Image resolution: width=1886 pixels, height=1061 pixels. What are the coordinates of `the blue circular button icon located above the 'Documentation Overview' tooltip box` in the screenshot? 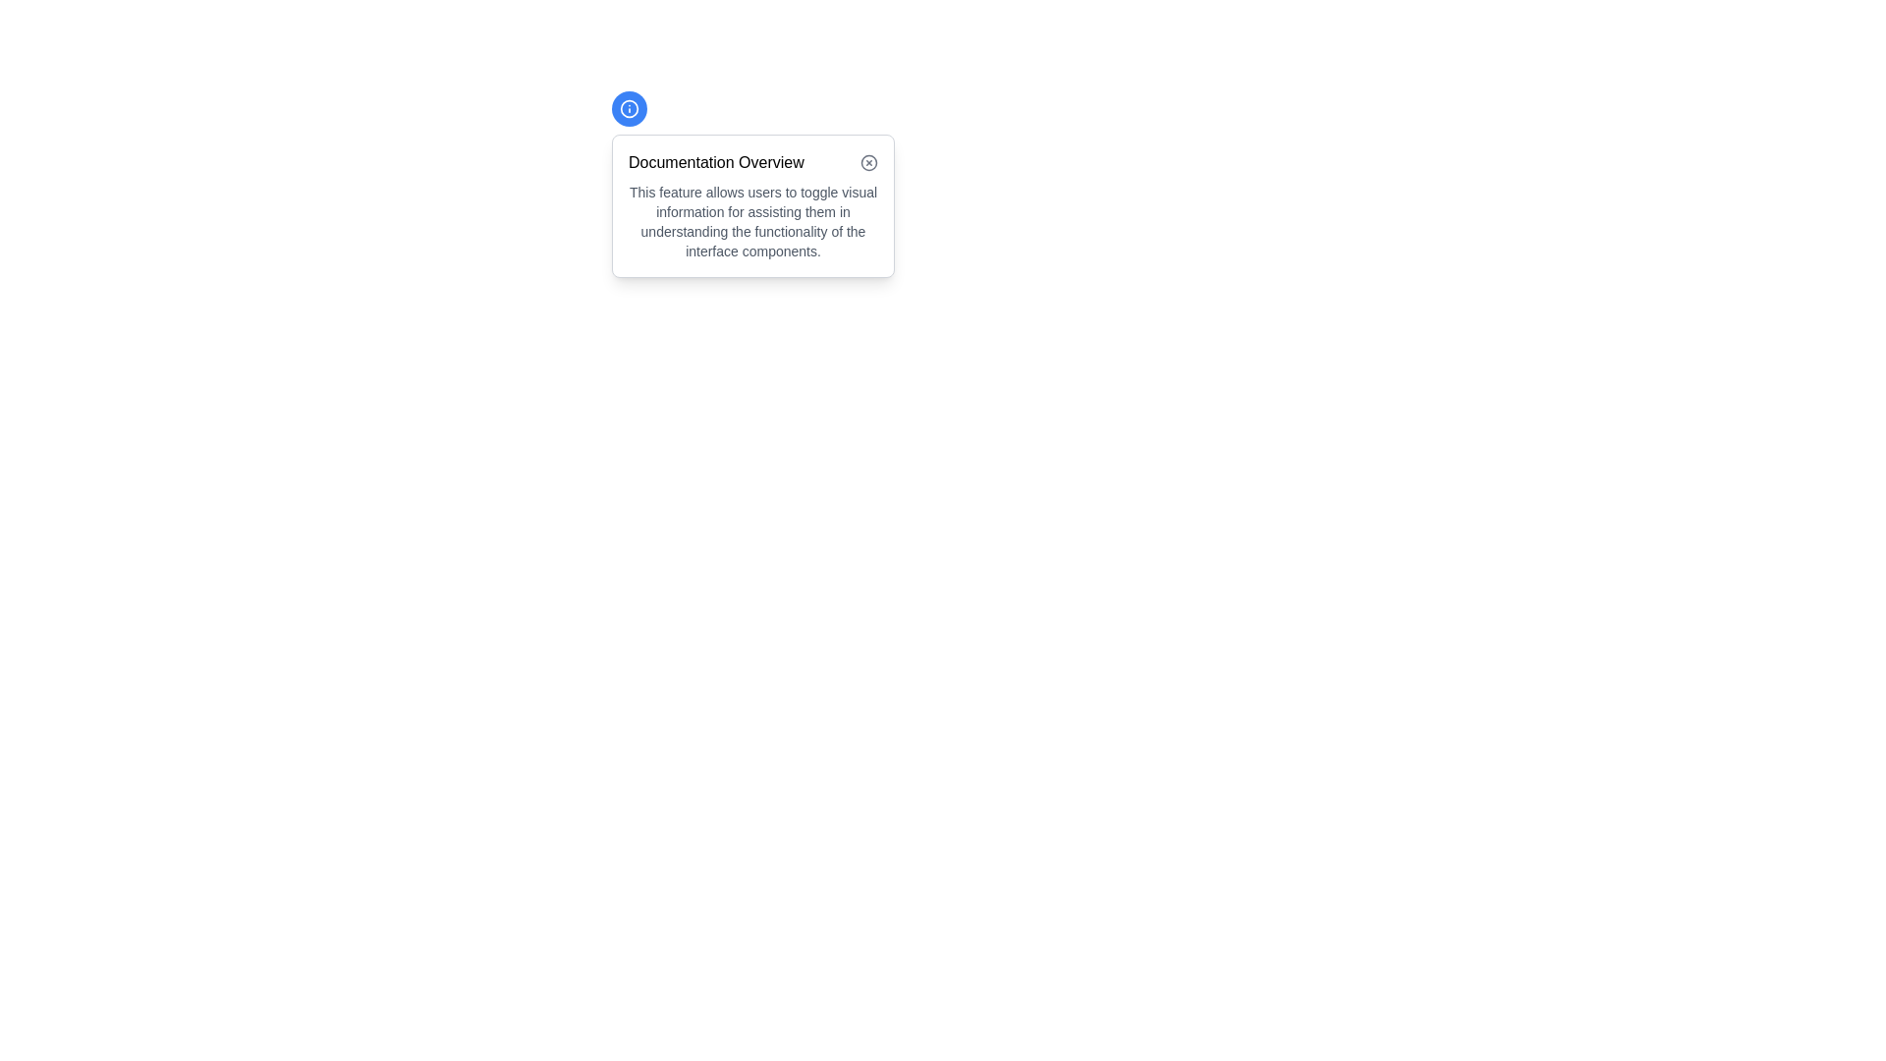 It's located at (630, 109).